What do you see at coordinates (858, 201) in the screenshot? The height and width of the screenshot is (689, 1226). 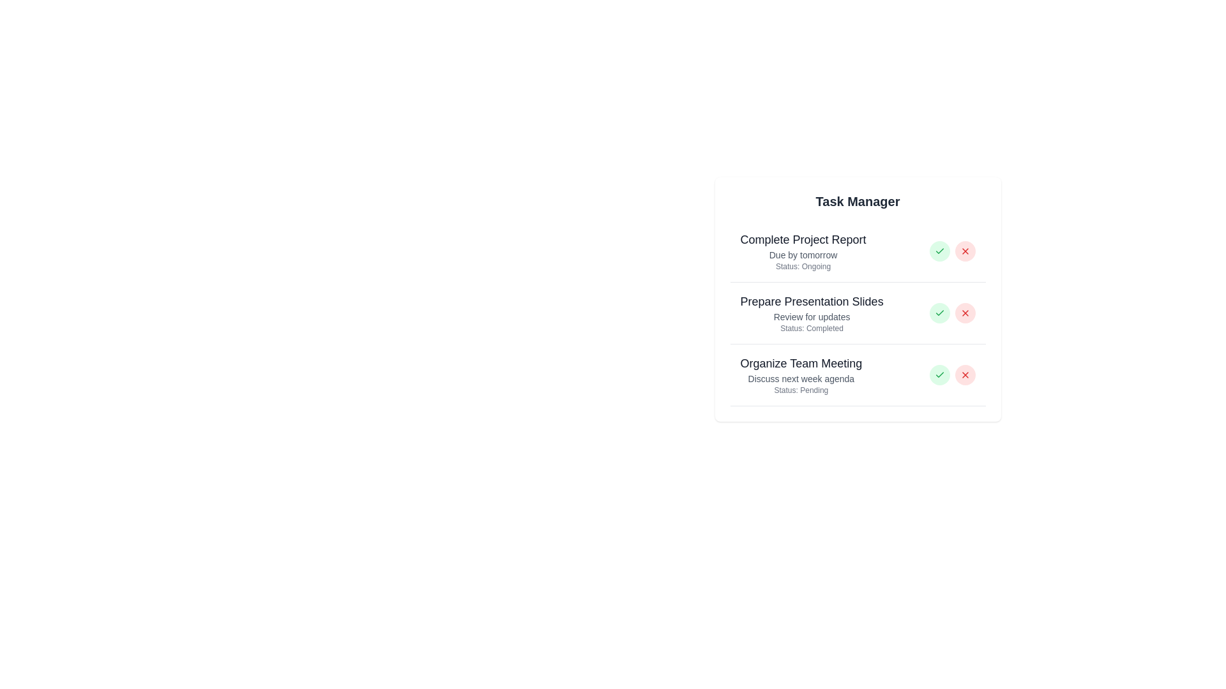 I see `text of the heading element that serves as the title for the task manager section, located at the center of the card layout` at bounding box center [858, 201].